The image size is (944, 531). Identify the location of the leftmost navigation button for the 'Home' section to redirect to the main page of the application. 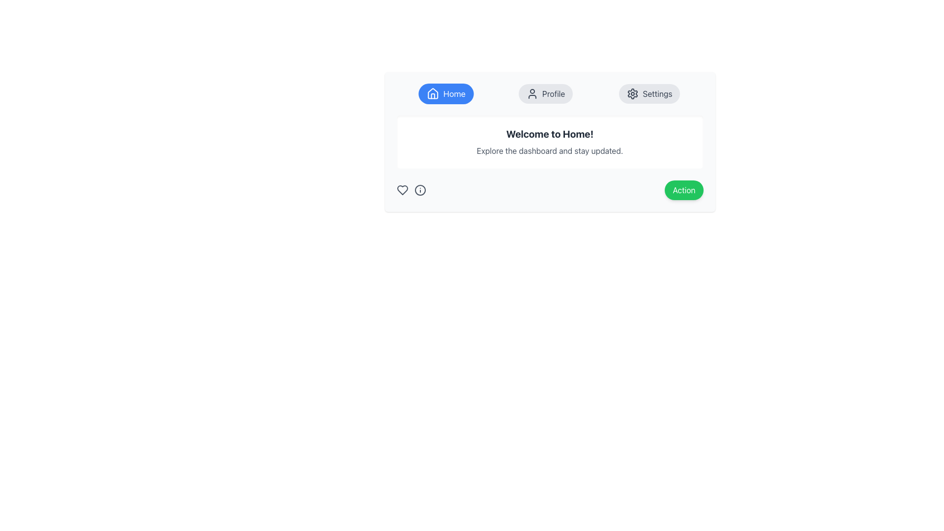
(445, 94).